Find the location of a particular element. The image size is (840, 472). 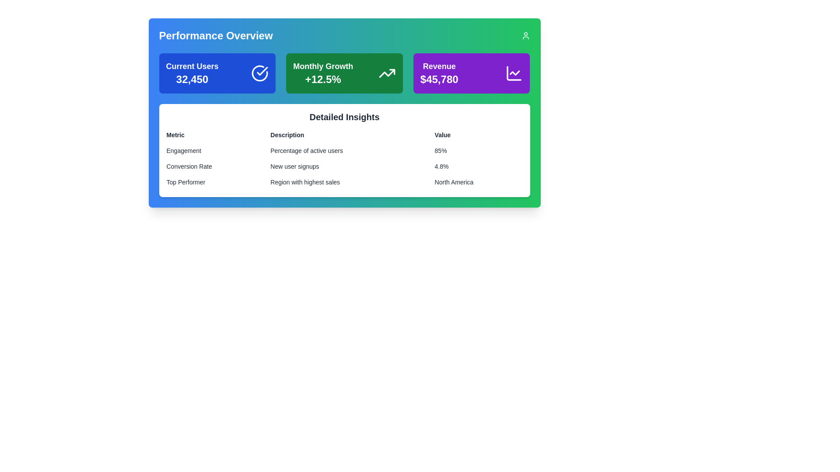

the text content of the label that says 'New user signups' located in the 'Description' column of the 'Detailed Insights' section under 'Conversion Rate' is located at coordinates (352, 167).